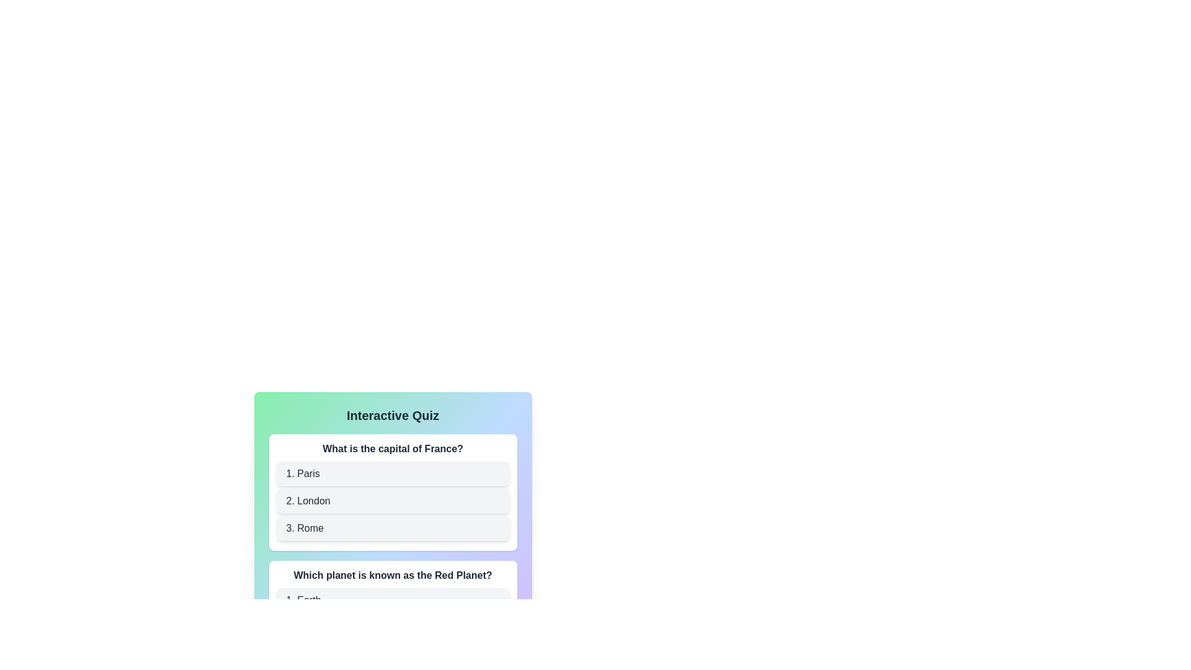 The height and width of the screenshot is (670, 1191). Describe the element at coordinates (392, 473) in the screenshot. I see `the button labeled '1. Paris'` at that location.